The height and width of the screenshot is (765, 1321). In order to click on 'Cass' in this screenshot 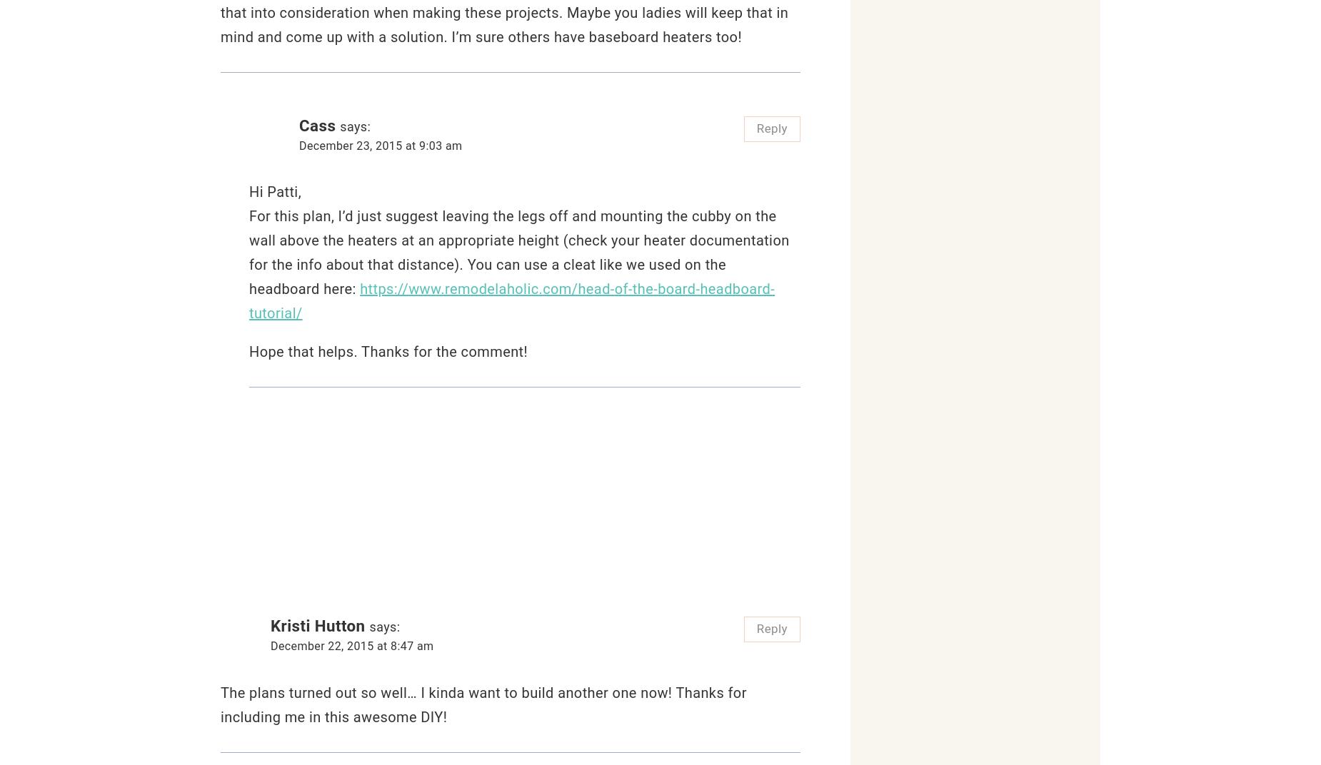, I will do `click(316, 125)`.